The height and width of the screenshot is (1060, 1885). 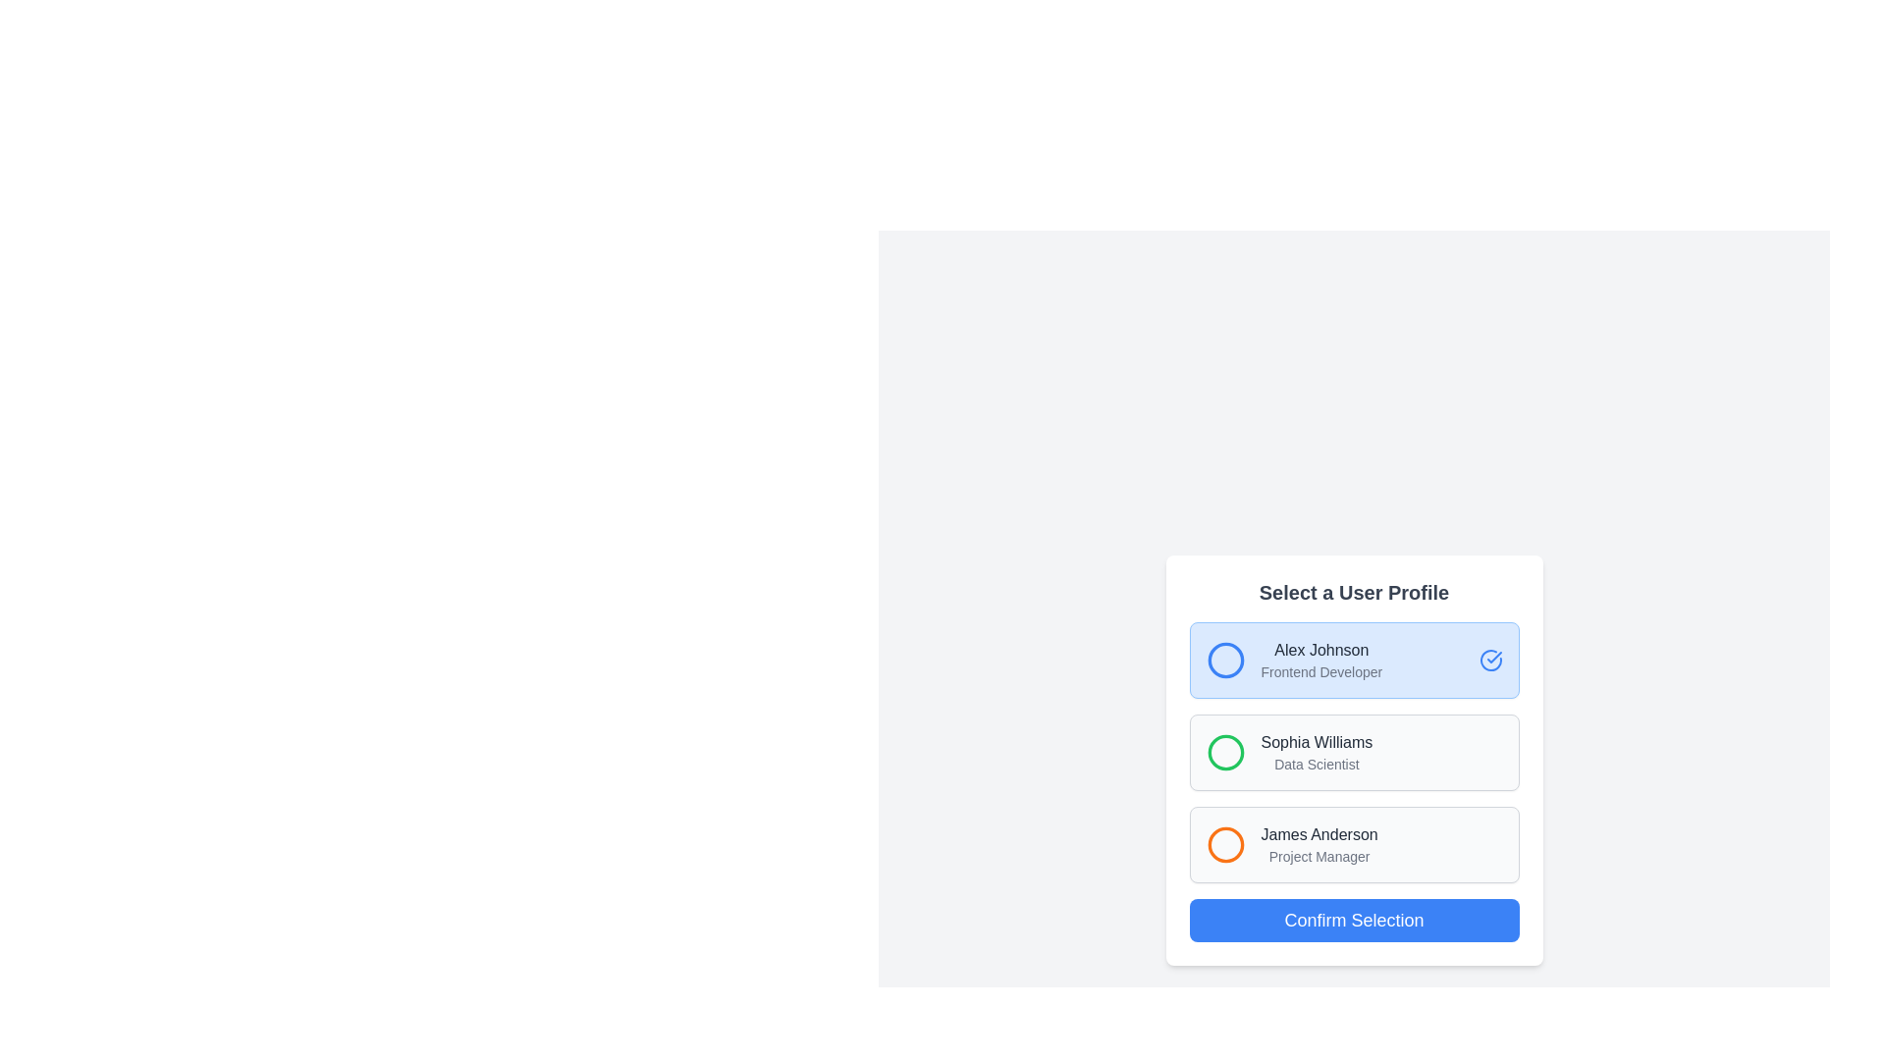 I want to click on displayed text of the 'Data Scientist' label located below the name 'Sophia Williams' in the user profile list item, so click(x=1317, y=764).